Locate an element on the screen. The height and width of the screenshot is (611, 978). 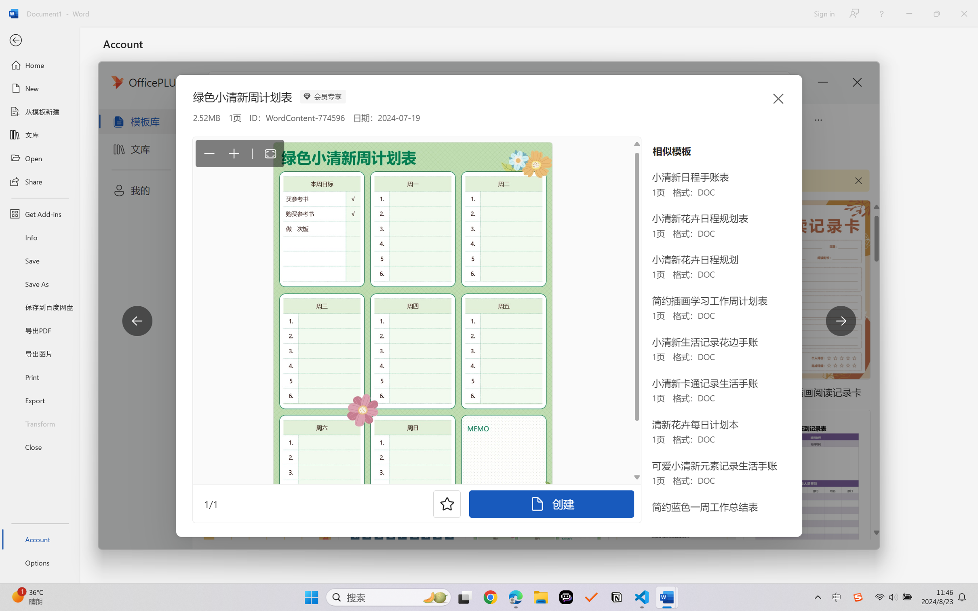
'New' is located at coordinates (39, 88).